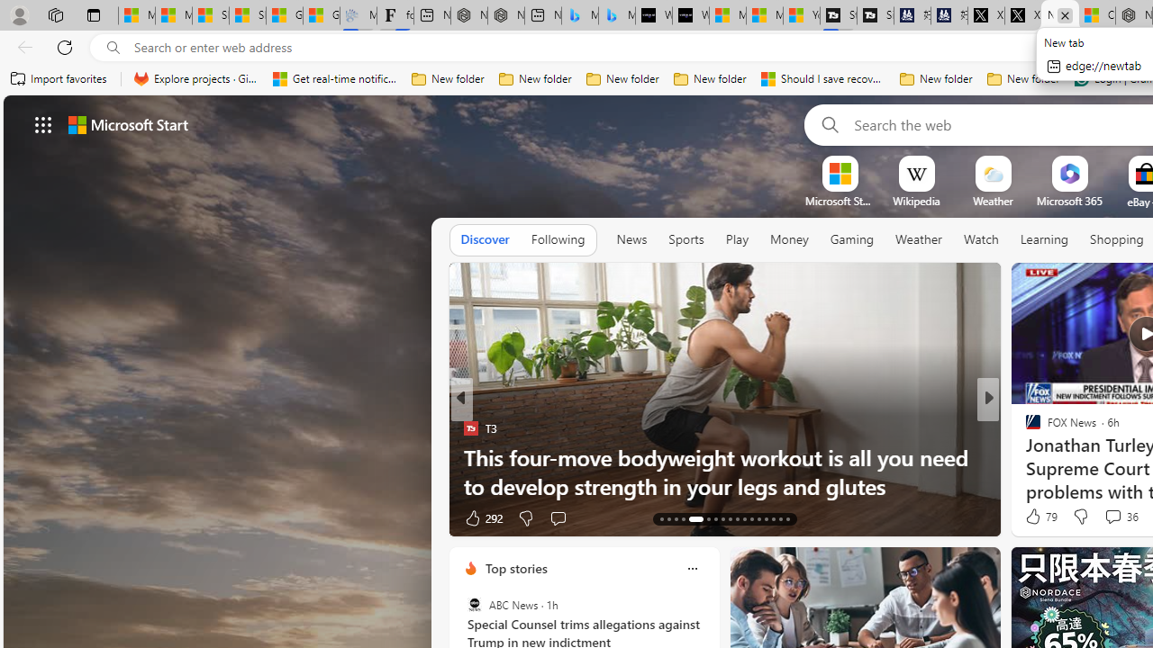  What do you see at coordinates (695, 519) in the screenshot?
I see `'AutomationID: tab-17'` at bounding box center [695, 519].